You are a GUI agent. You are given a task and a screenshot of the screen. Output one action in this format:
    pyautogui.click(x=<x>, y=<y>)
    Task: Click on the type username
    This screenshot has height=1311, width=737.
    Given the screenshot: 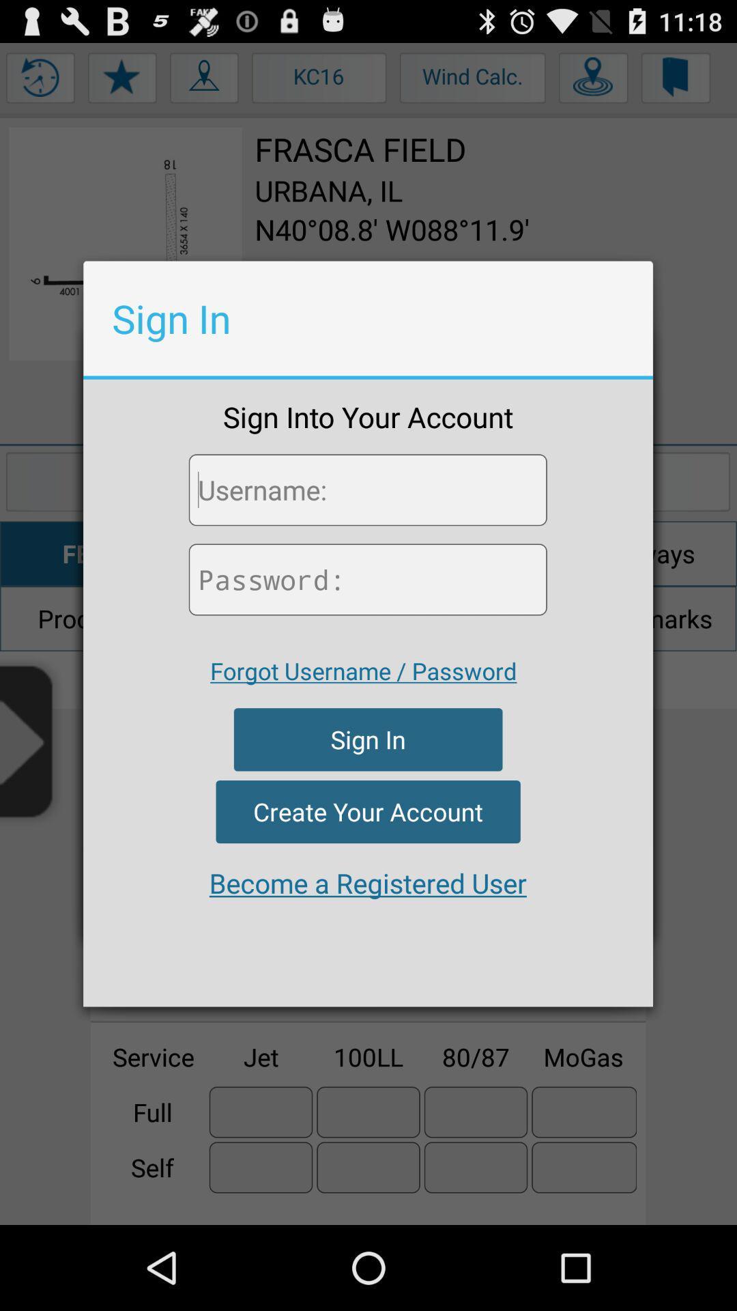 What is the action you would take?
    pyautogui.click(x=367, y=490)
    